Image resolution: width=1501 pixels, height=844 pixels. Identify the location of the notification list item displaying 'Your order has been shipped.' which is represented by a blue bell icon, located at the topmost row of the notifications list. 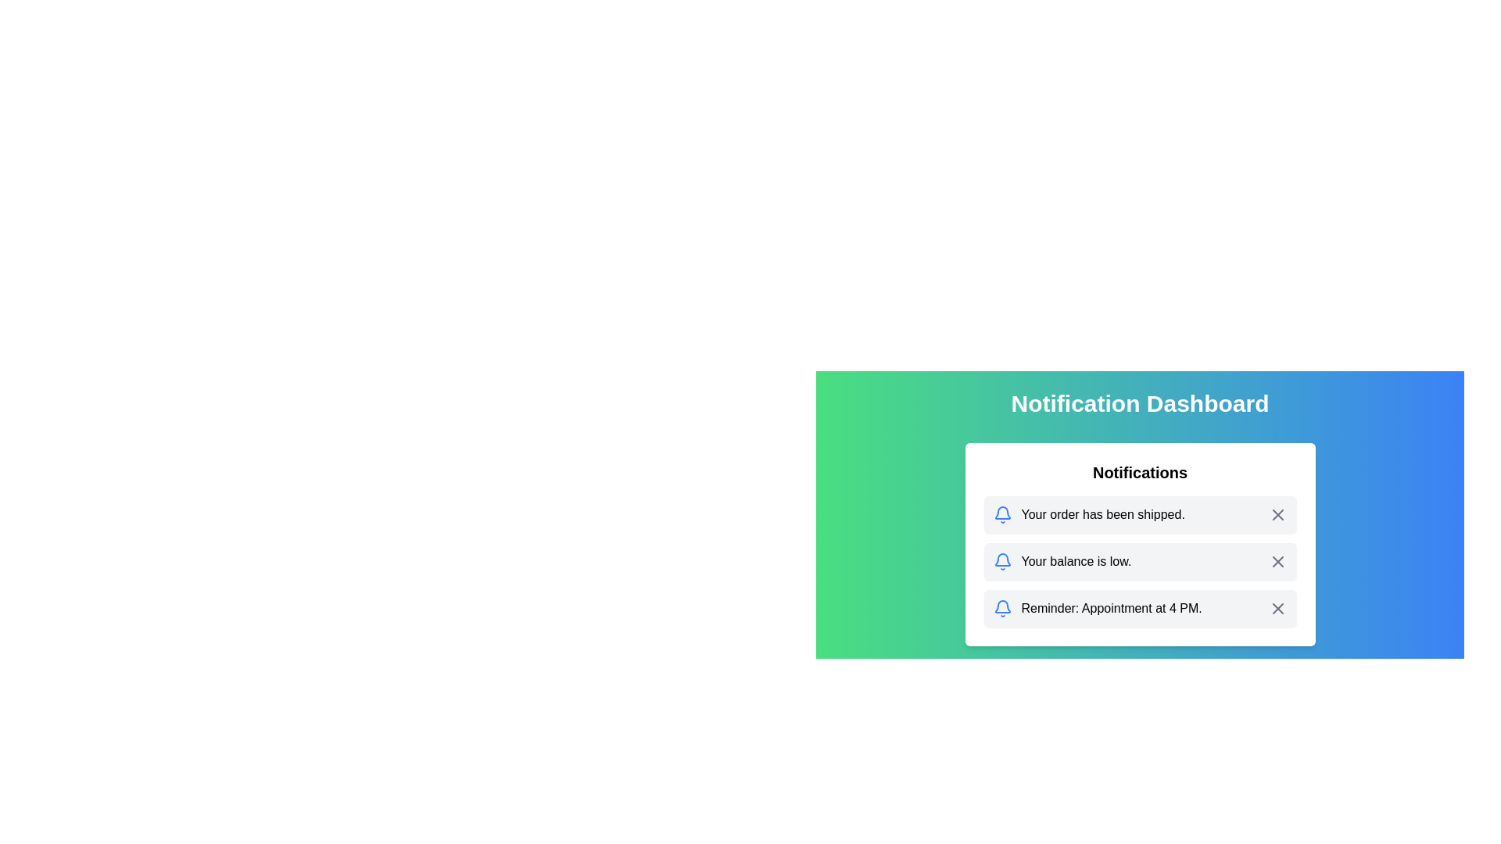
(1088, 515).